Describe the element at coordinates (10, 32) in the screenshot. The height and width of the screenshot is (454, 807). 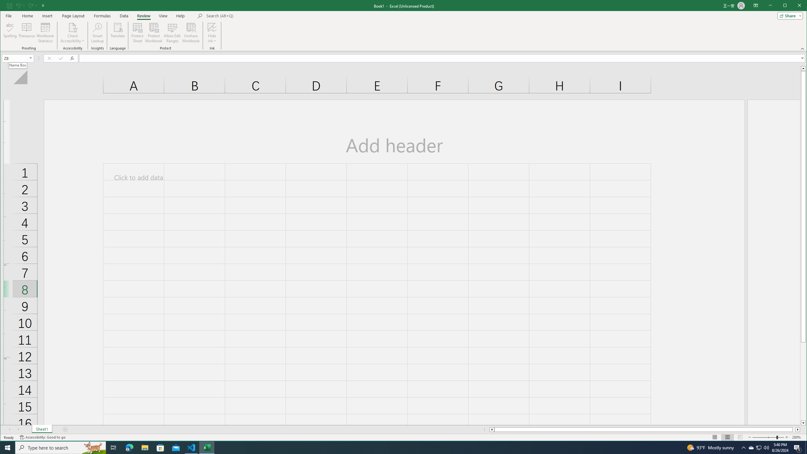
I see `'Spelling...'` at that location.